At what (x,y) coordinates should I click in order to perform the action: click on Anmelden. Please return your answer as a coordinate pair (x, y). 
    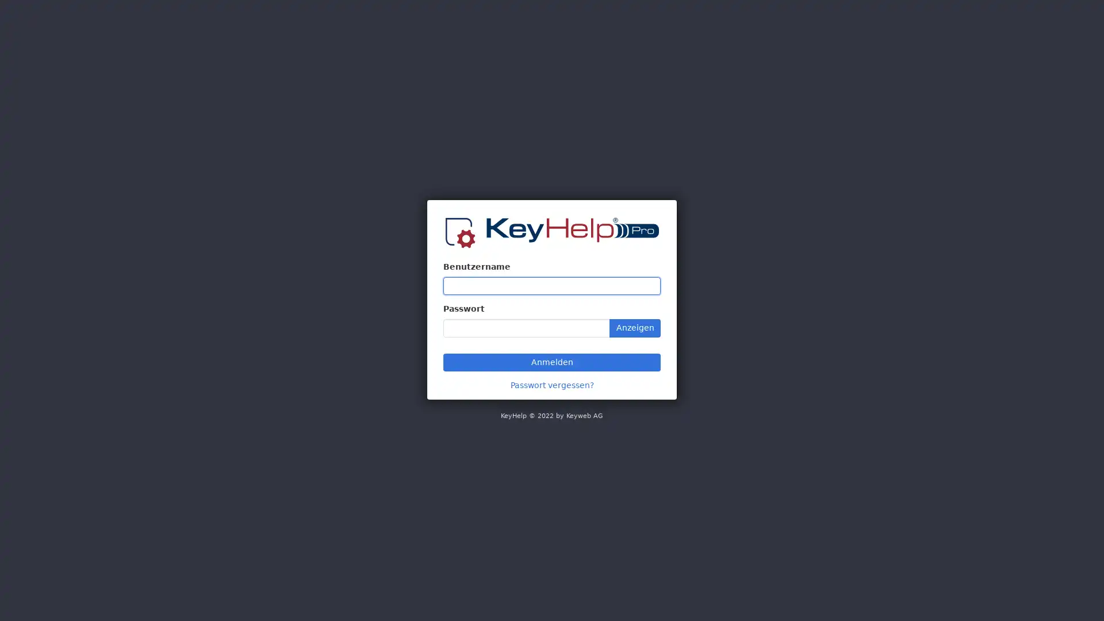
    Looking at the image, I should click on (552, 361).